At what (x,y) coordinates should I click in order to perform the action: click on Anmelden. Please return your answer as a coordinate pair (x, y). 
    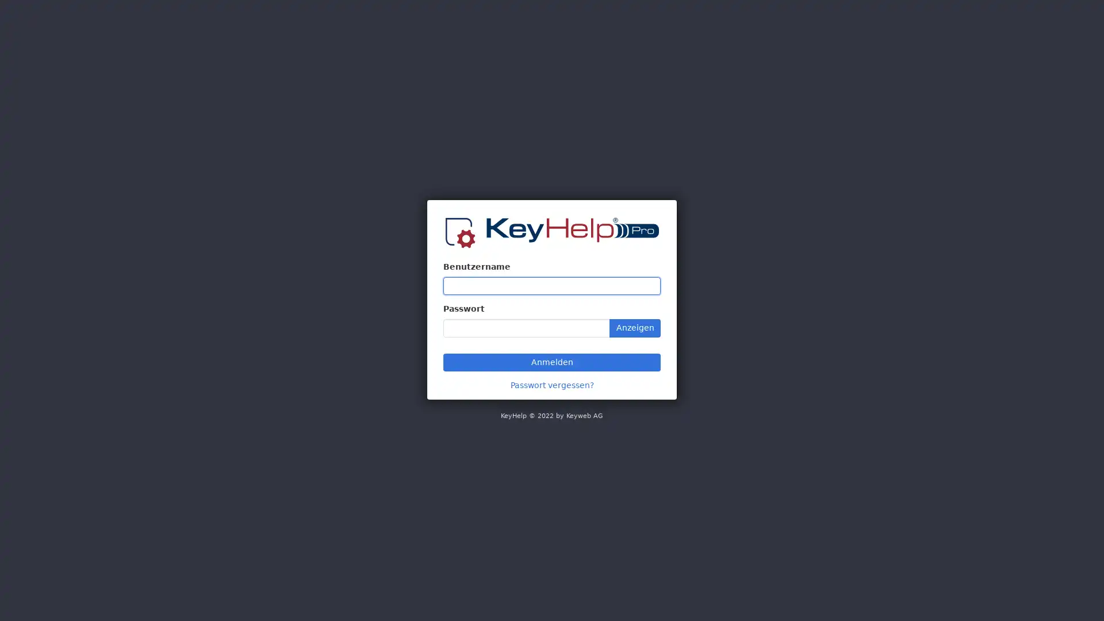
    Looking at the image, I should click on (552, 361).